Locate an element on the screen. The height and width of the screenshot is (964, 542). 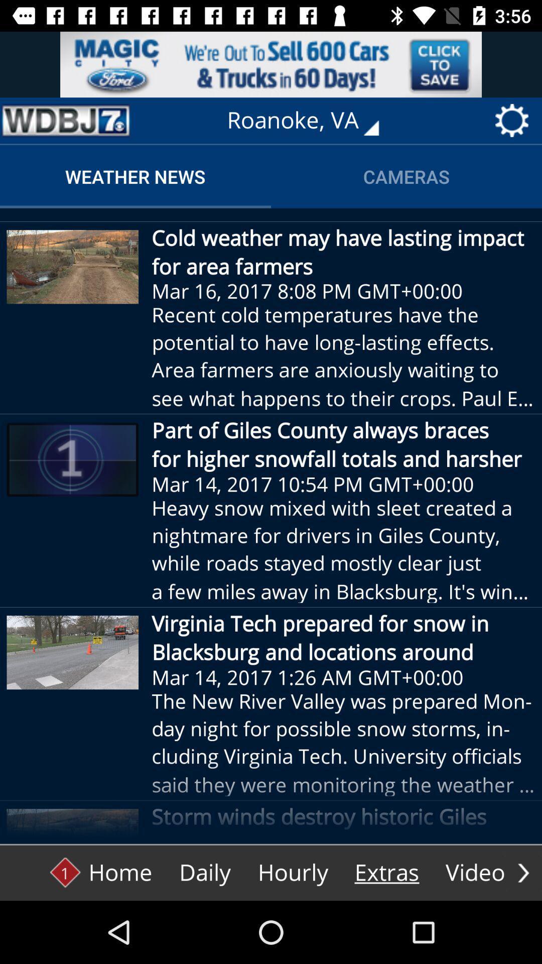
the arrow_forward icon is located at coordinates (523, 872).